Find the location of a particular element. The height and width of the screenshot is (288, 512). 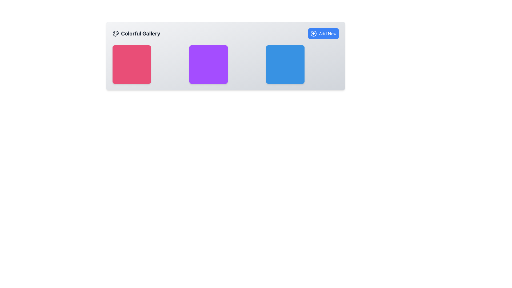

the vibrant pink clickable block with rounded corners located in the first position of the grid layout, adjacent to the 'Colorful Gallery' title and the purple block is located at coordinates (149, 64).